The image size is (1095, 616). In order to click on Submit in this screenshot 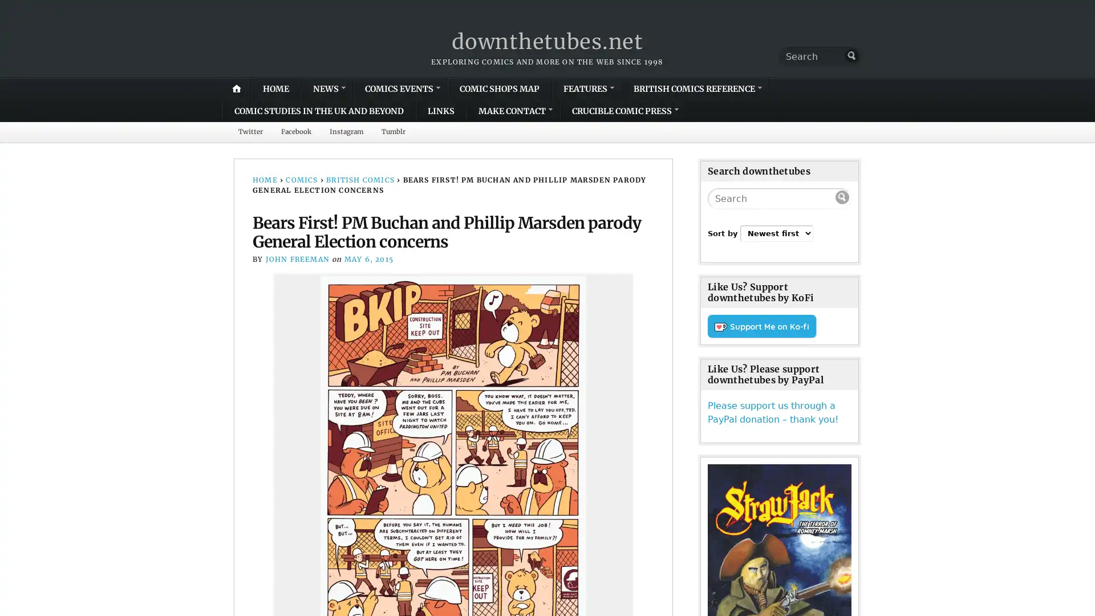, I will do `click(851, 55)`.